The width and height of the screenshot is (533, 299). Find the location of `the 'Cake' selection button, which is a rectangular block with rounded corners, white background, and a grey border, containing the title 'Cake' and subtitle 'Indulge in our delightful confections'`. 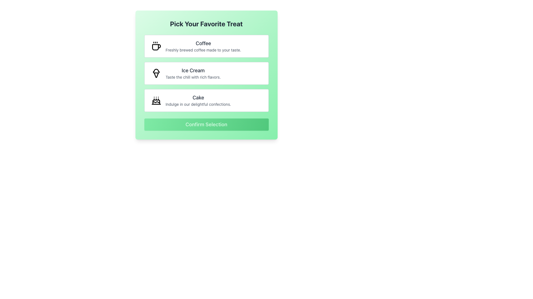

the 'Cake' selection button, which is a rectangular block with rounded corners, white background, and a grey border, containing the title 'Cake' and subtitle 'Indulge in our delightful confections' is located at coordinates (206, 100).